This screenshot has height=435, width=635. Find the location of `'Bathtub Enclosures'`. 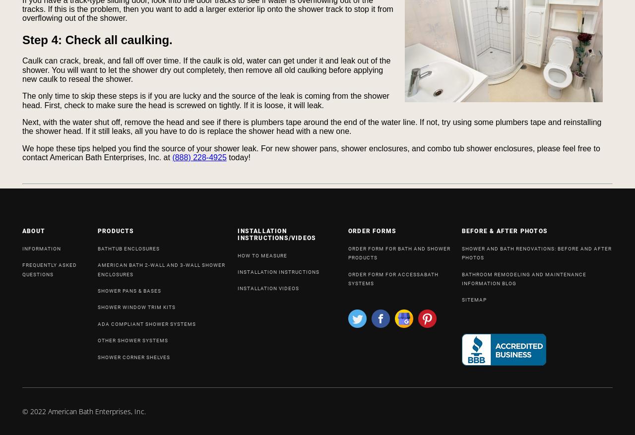

'Bathtub Enclosures' is located at coordinates (128, 248).